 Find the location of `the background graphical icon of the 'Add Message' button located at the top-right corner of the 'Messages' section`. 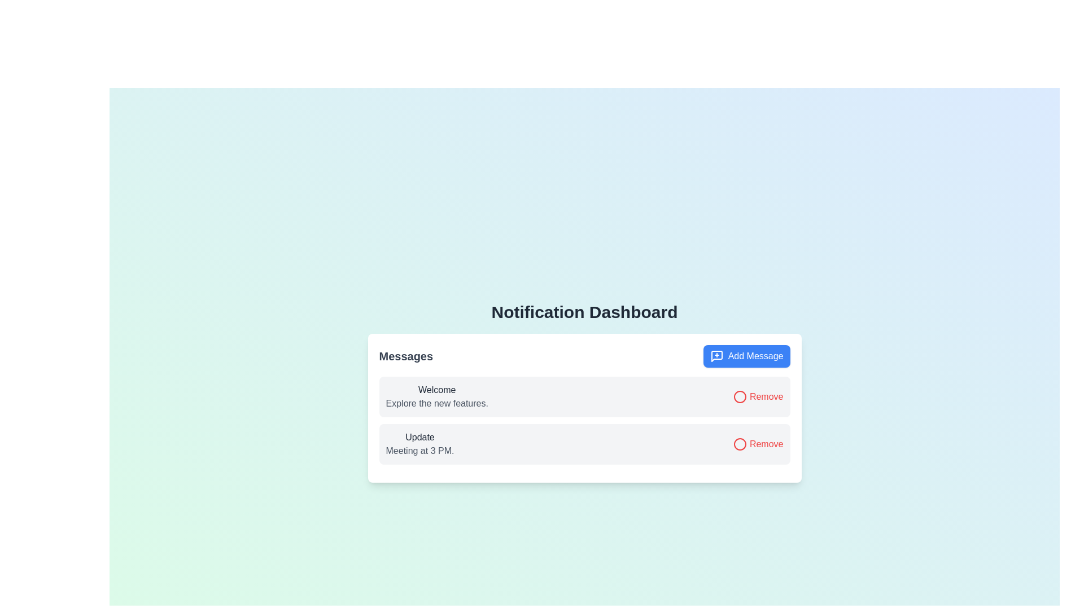

the background graphical icon of the 'Add Message' button located at the top-right corner of the 'Messages' section is located at coordinates (716, 356).